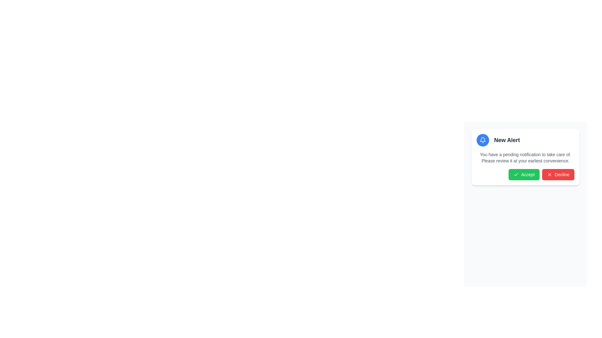 This screenshot has height=338, width=602. What do you see at coordinates (525, 140) in the screenshot?
I see `the Notification Header` at bounding box center [525, 140].